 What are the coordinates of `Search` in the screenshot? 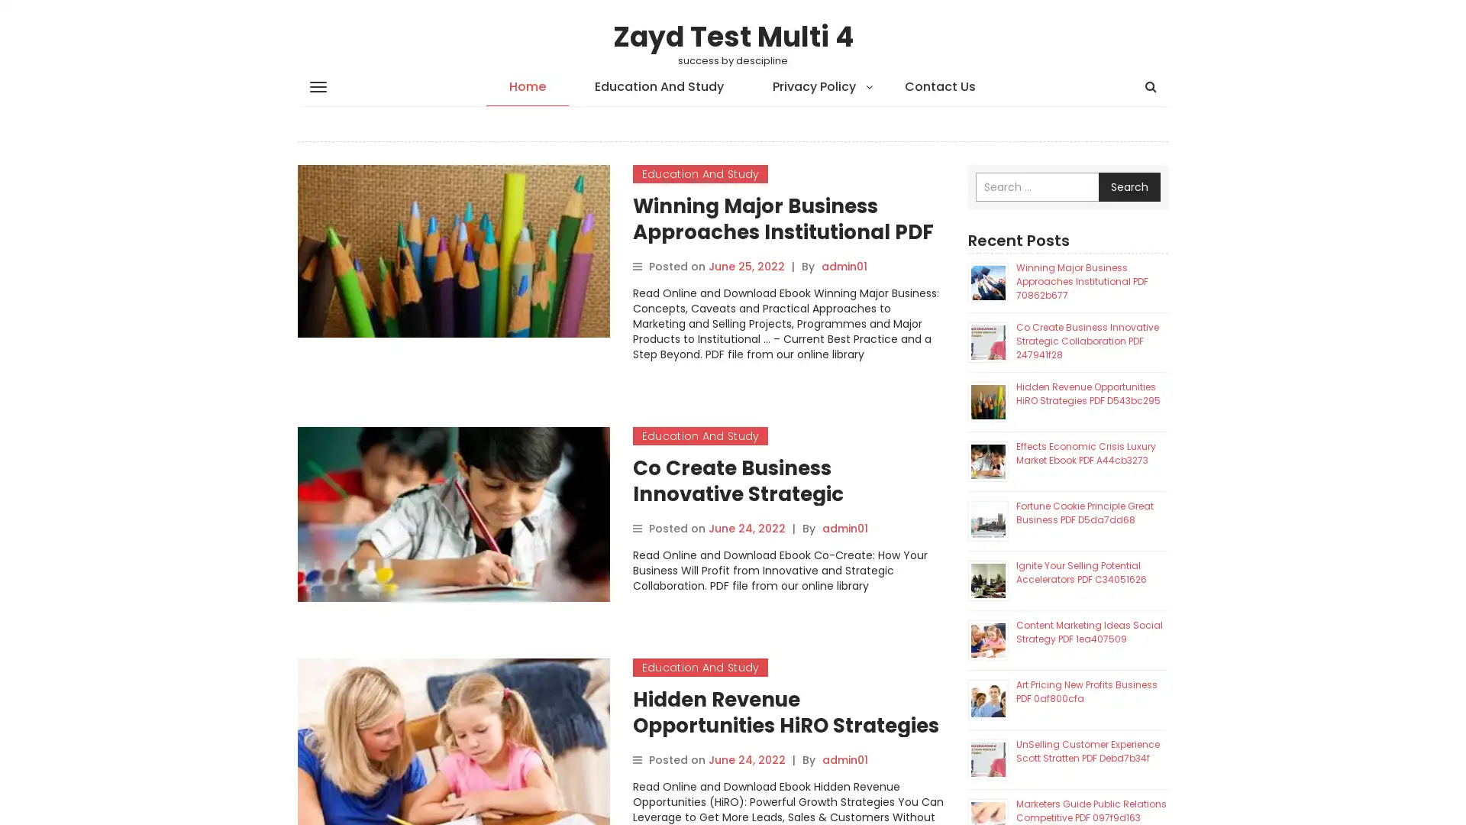 It's located at (1129, 186).